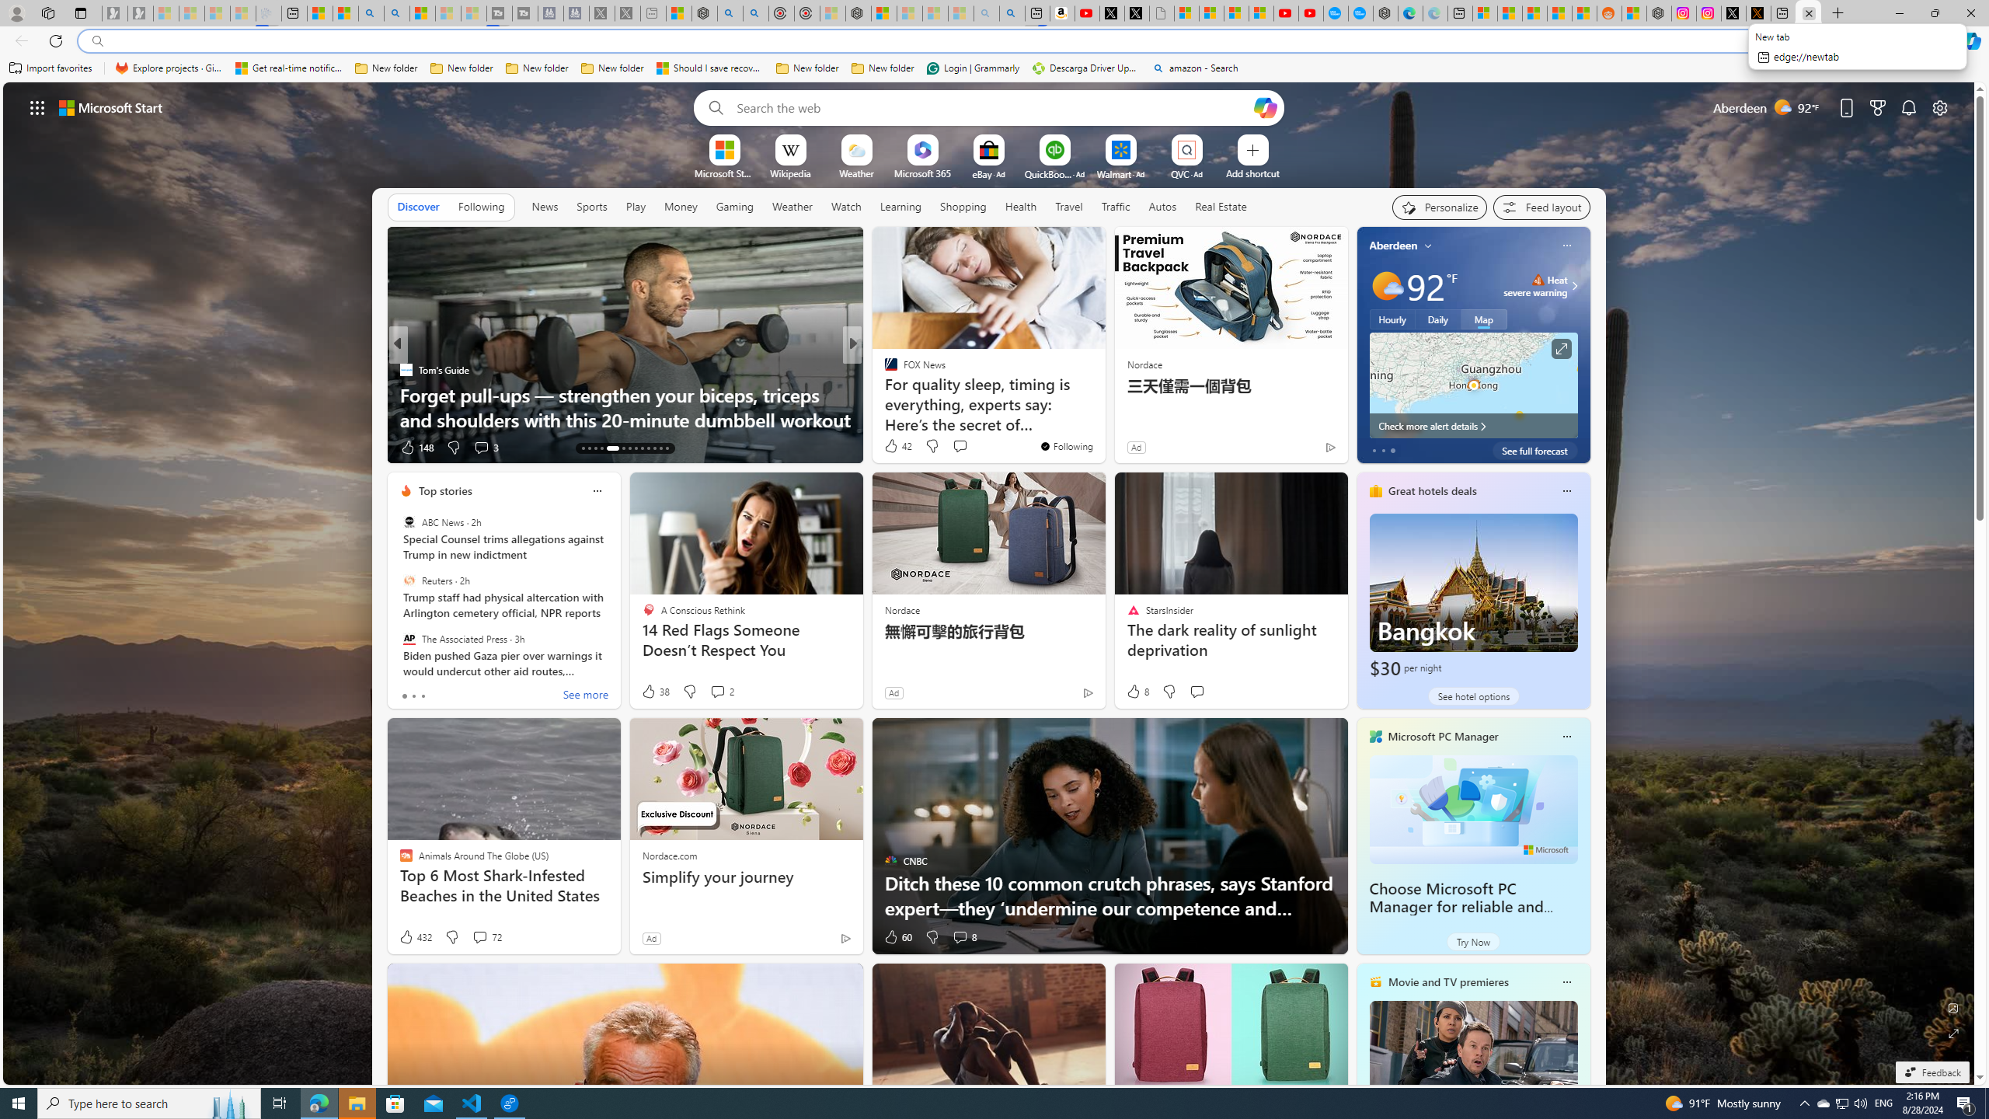 Image resolution: width=1989 pixels, height=1119 pixels. Describe the element at coordinates (883, 368) in the screenshot. I see `'The Independent'` at that location.